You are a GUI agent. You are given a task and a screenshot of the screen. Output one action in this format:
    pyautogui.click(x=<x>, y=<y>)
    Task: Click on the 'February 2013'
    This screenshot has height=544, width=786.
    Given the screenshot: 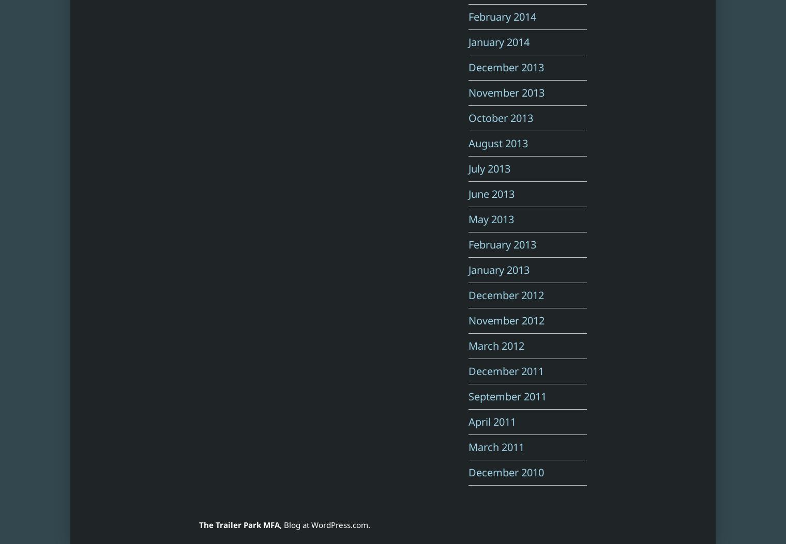 What is the action you would take?
    pyautogui.click(x=502, y=244)
    